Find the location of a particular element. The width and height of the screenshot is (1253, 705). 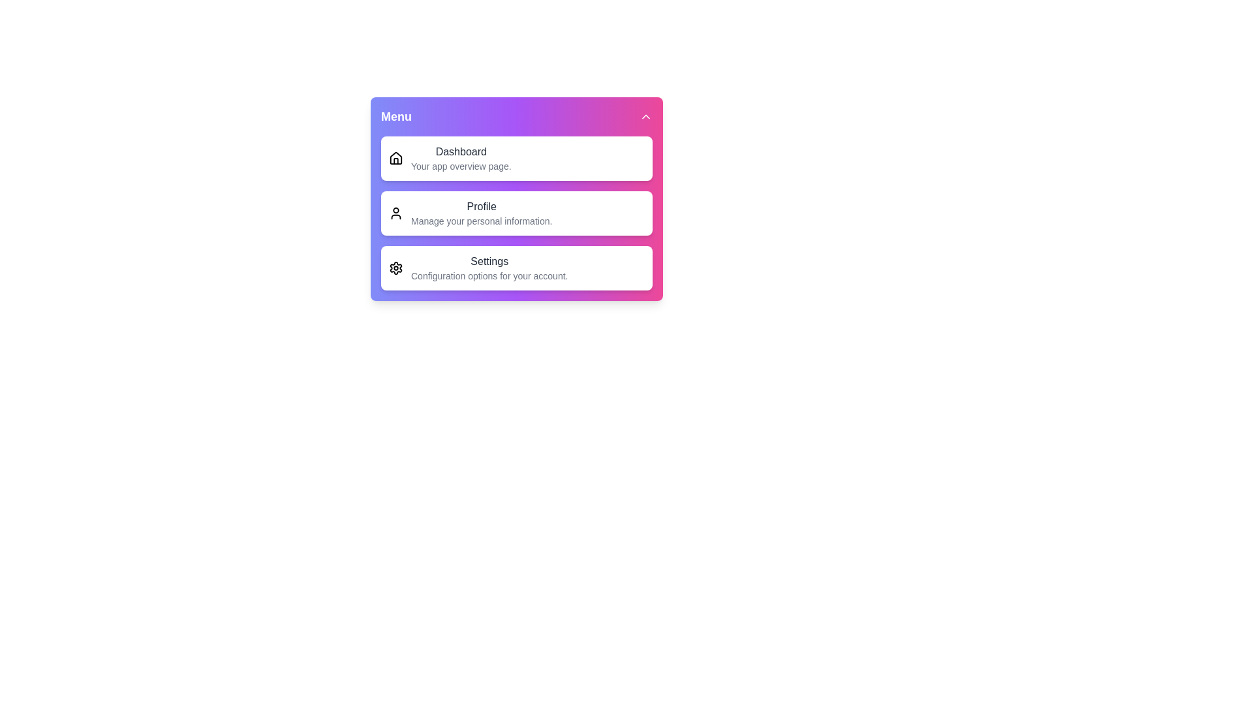

the toggle button to expand or collapse the menu is located at coordinates (516, 116).